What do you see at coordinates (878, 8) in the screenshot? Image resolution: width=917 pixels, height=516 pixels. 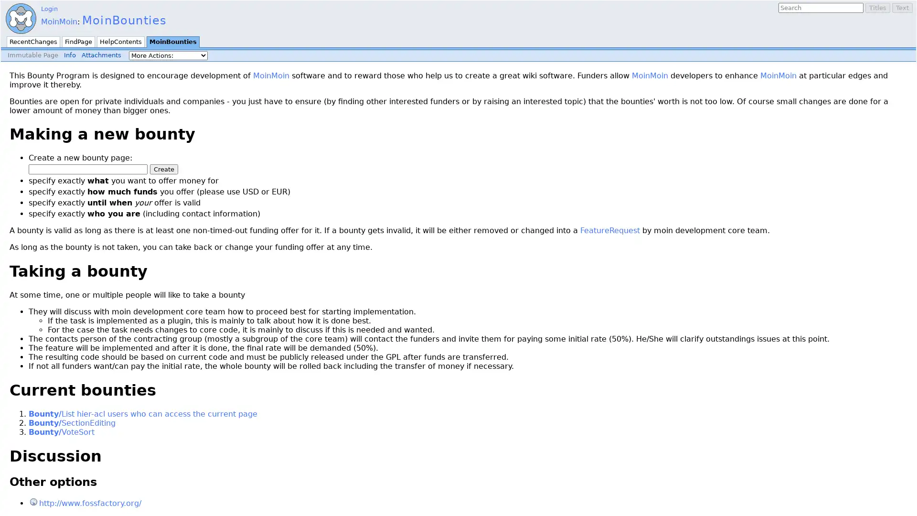 I see `Titles` at bounding box center [878, 8].